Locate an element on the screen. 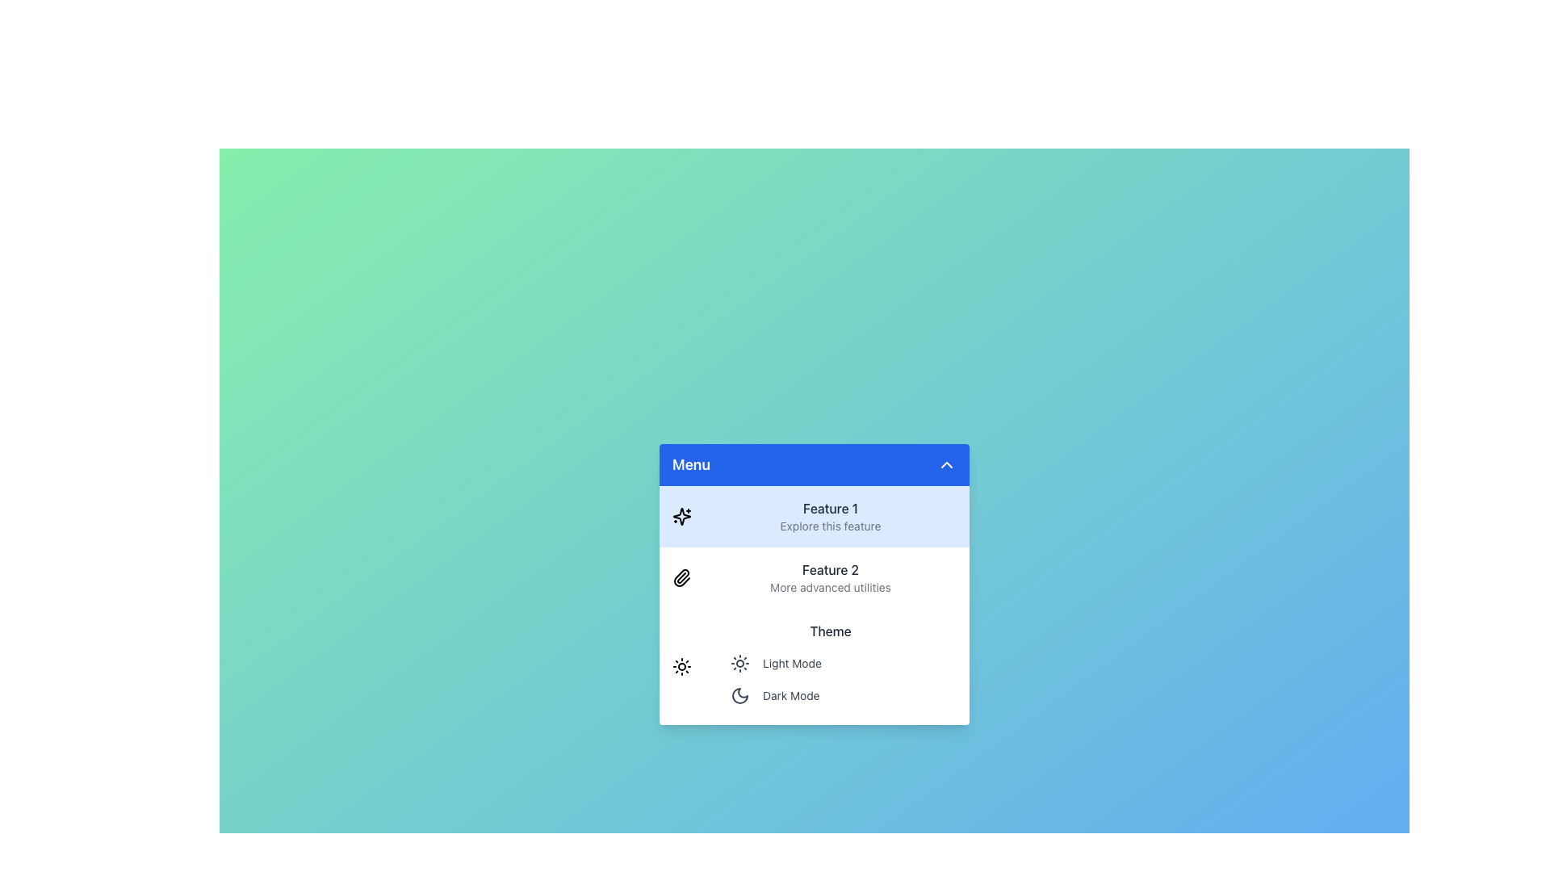 This screenshot has width=1550, height=872. the selectable menu item representing 'Feature 2', which is the second item in the vertically stacked menu list is located at coordinates (814, 577).